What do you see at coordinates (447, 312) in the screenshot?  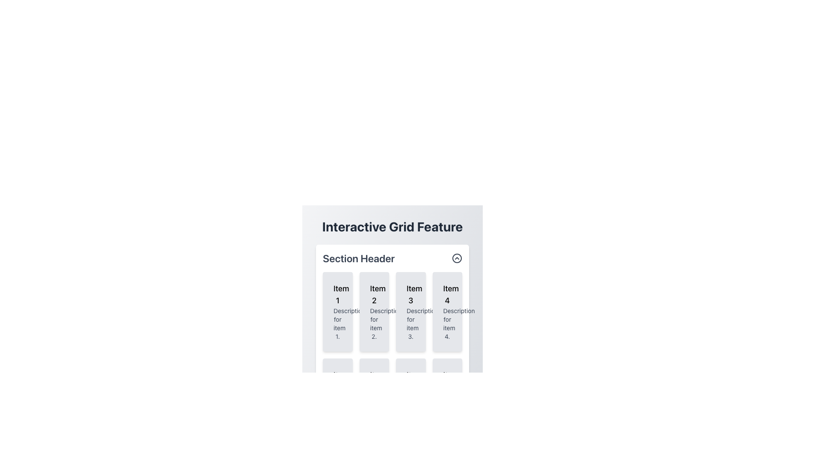 I see `details of the Card element displaying 'Item 4' with a light gray background and rounded corners, located at the top-right corner of the grid` at bounding box center [447, 312].